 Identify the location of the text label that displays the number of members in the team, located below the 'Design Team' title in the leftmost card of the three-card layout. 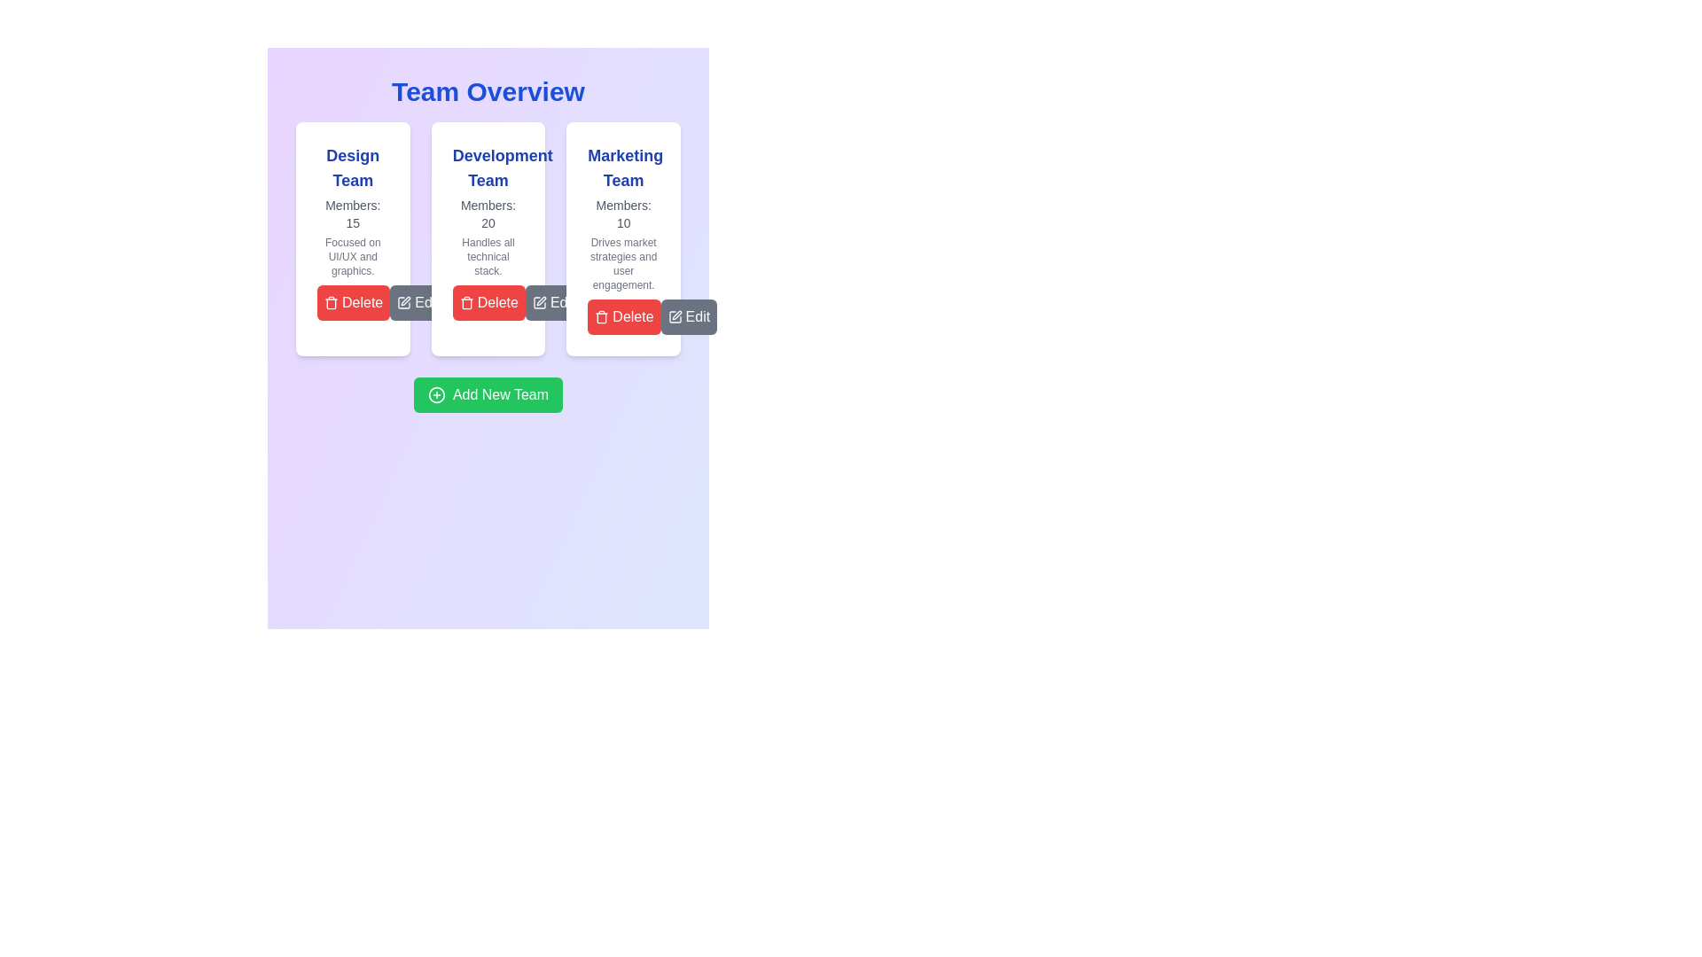
(353, 214).